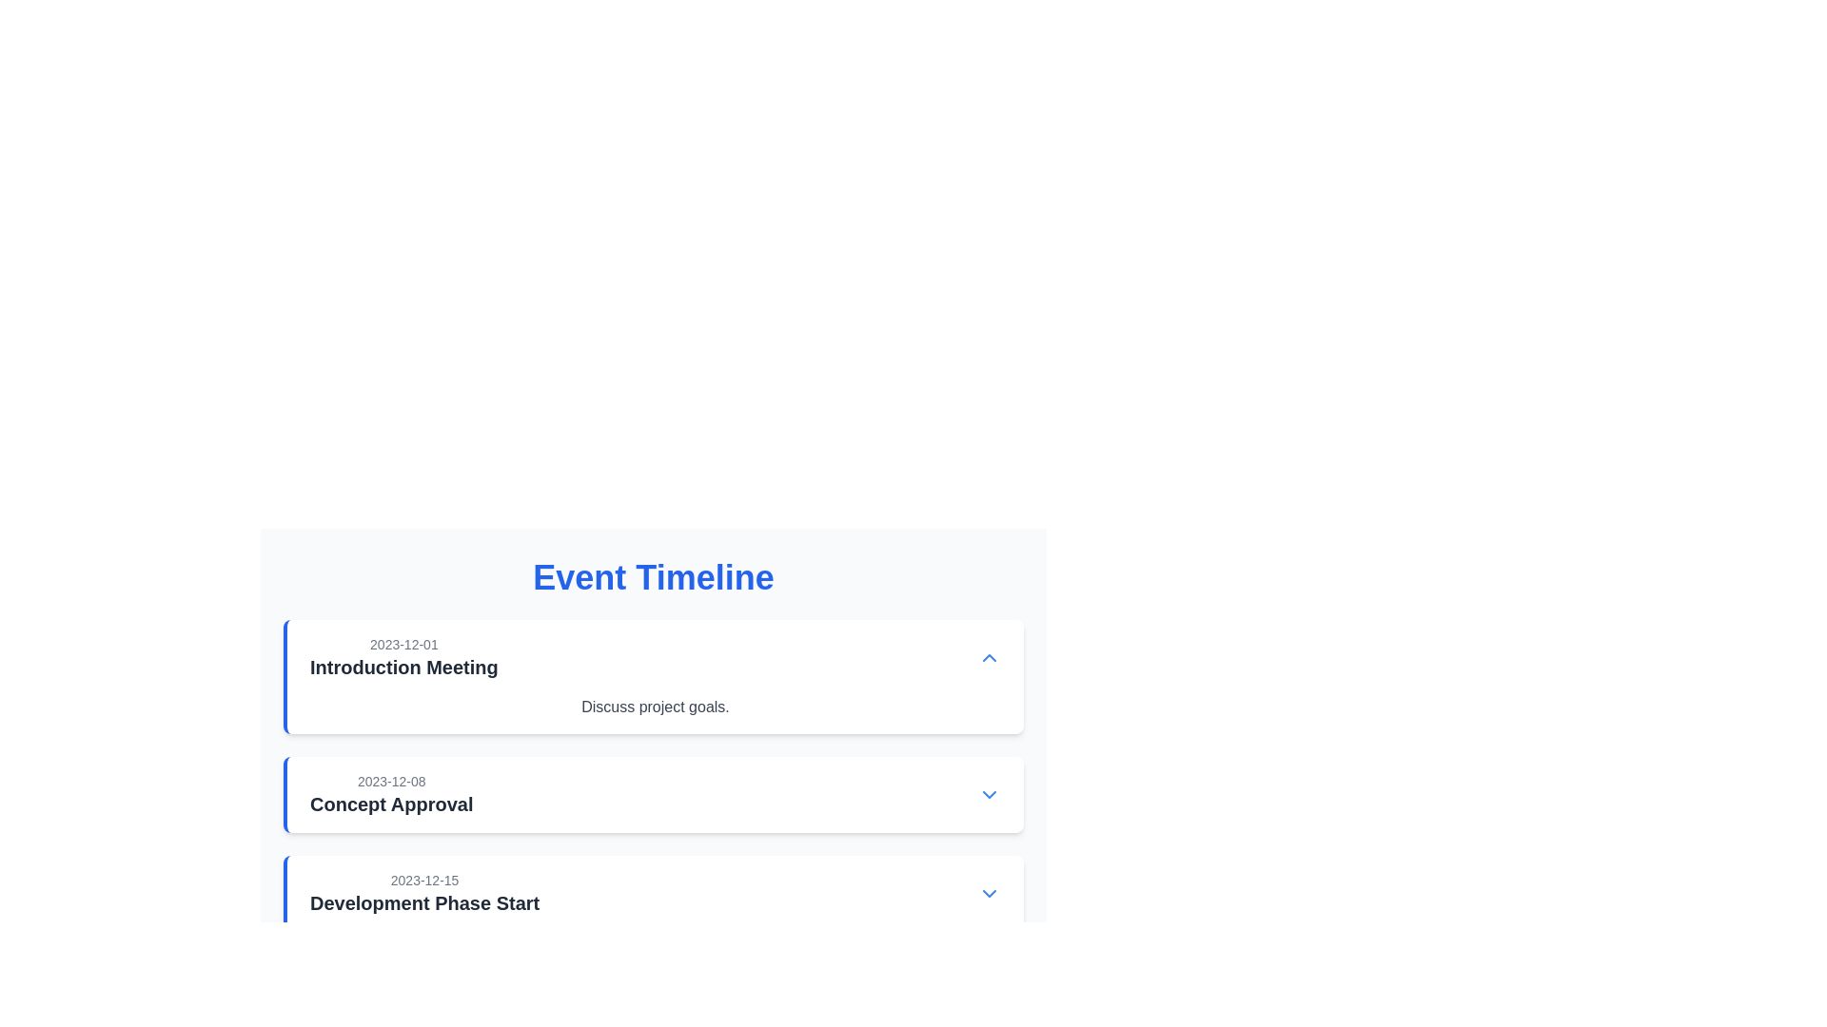 The width and height of the screenshot is (1827, 1027). I want to click on the bold text label displaying 'Development Phase Start', located below the date '2023-12-15' in the third event card of the timeline, so click(423, 901).